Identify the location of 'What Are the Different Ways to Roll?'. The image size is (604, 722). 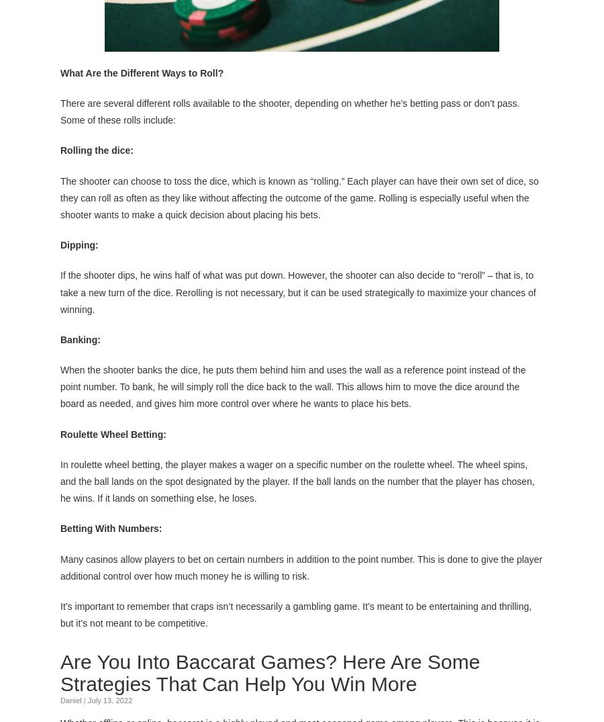
(143, 71).